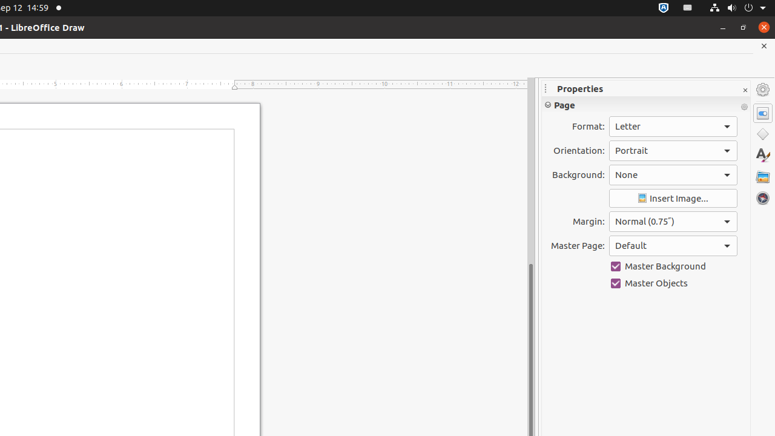 This screenshot has height=436, width=775. I want to click on 'Navigator', so click(762, 197).